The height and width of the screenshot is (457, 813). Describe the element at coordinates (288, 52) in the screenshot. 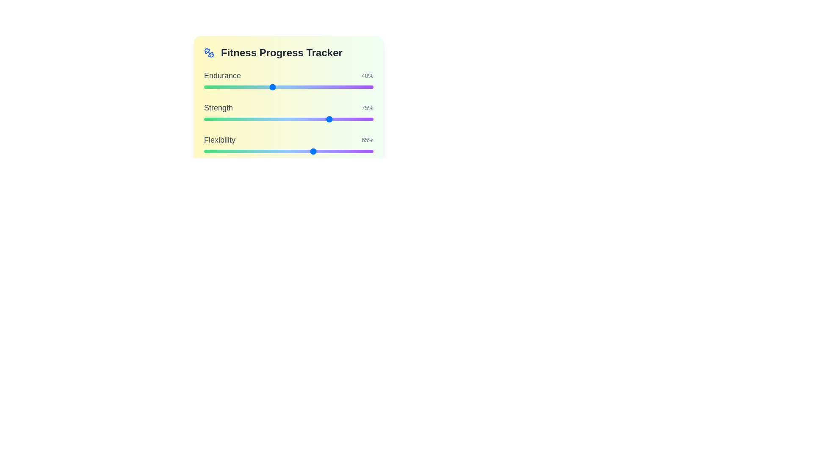

I see `the section labeled` at that location.